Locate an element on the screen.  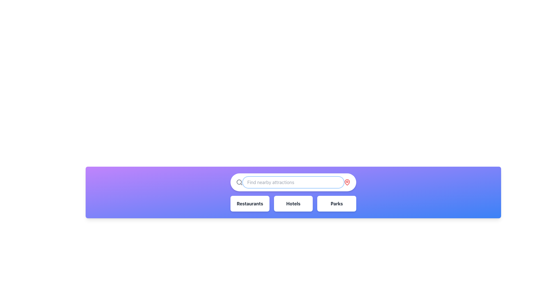
the oval-shaped search bar with placeholder text 'Find nearby attractions' to focus and type is located at coordinates (293, 182).